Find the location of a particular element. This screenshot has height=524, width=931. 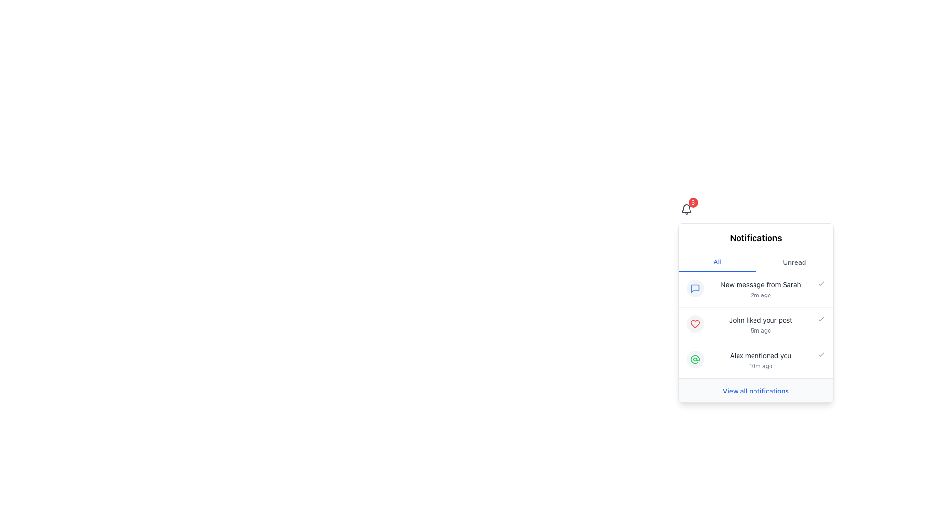

the notification bell icon with a red badge indicating 3 unread notifications is located at coordinates (686, 209).